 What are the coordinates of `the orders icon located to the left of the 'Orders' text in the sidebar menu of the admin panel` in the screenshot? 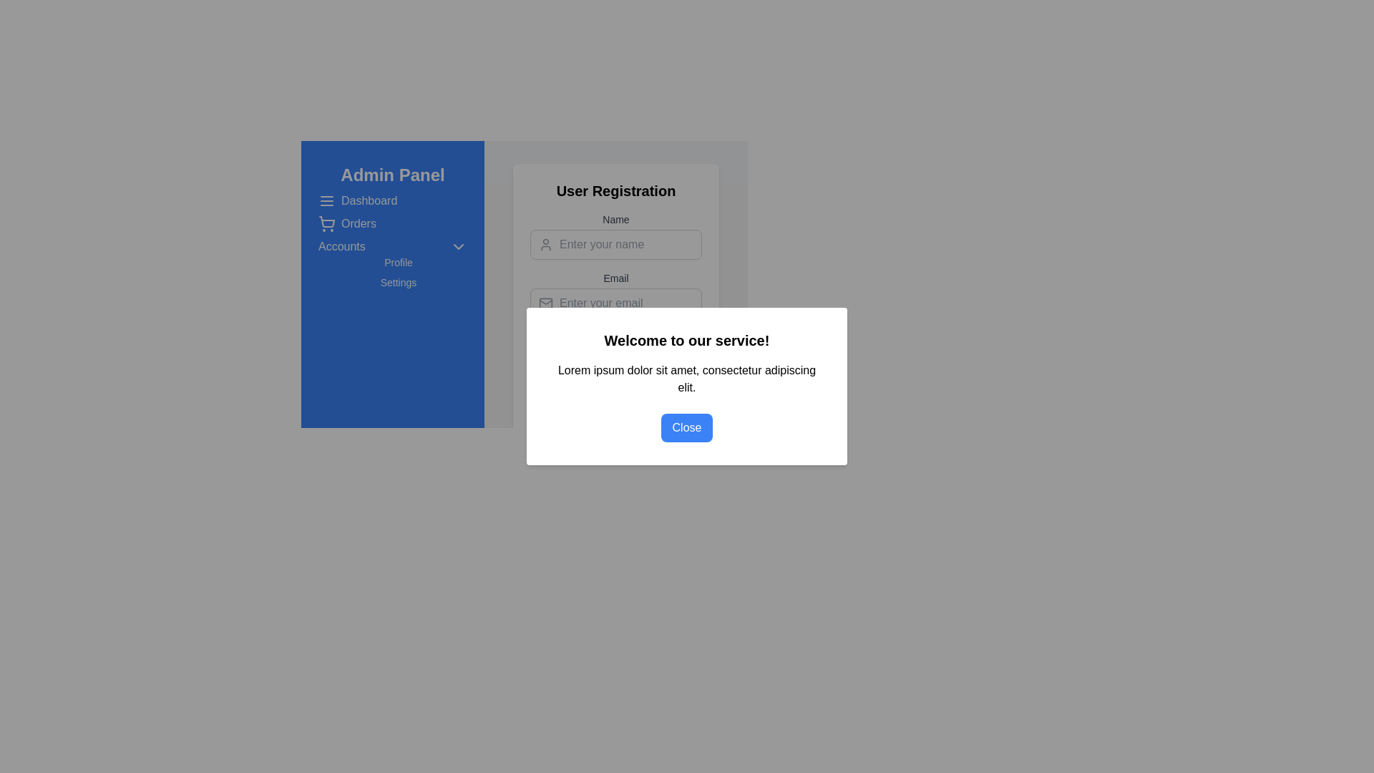 It's located at (326, 223).